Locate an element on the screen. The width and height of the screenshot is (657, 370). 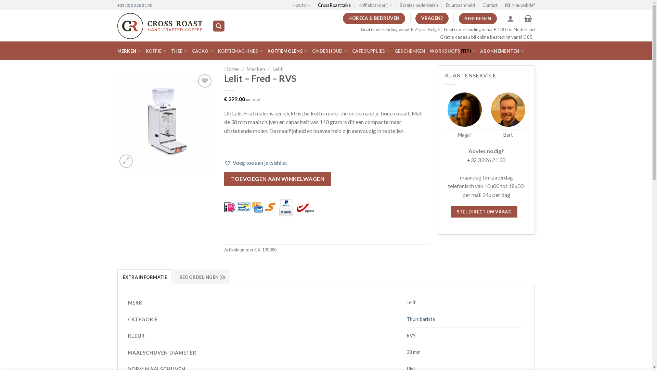
'ONDERHOUD' is located at coordinates (330, 51).